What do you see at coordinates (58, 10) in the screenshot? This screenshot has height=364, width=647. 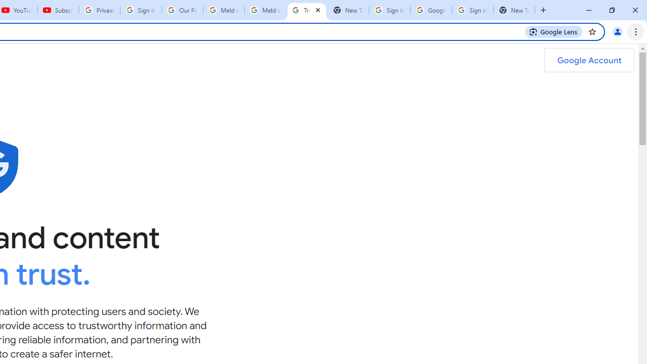 I see `'Subscriptions - YouTube'` at bounding box center [58, 10].